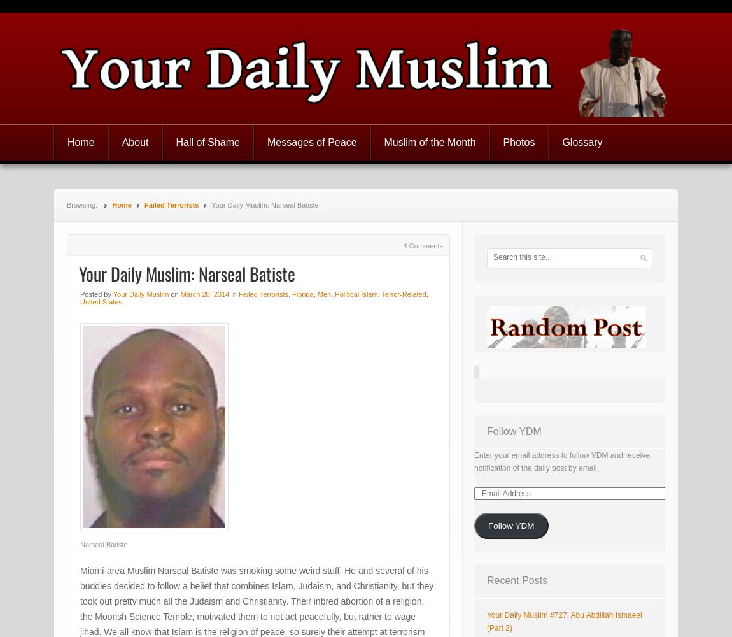 The width and height of the screenshot is (732, 637). What do you see at coordinates (564, 621) in the screenshot?
I see `'Your Daily Muslim #727: Abu Abdillah Ismaeel (Part 2)'` at bounding box center [564, 621].